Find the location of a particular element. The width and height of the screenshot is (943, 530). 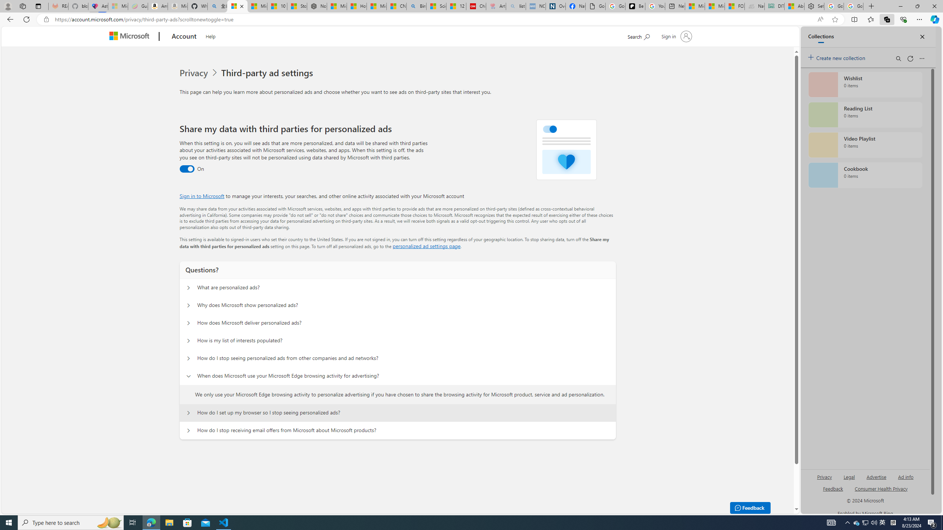

'Sign in to Microsoft' is located at coordinates (201, 196).